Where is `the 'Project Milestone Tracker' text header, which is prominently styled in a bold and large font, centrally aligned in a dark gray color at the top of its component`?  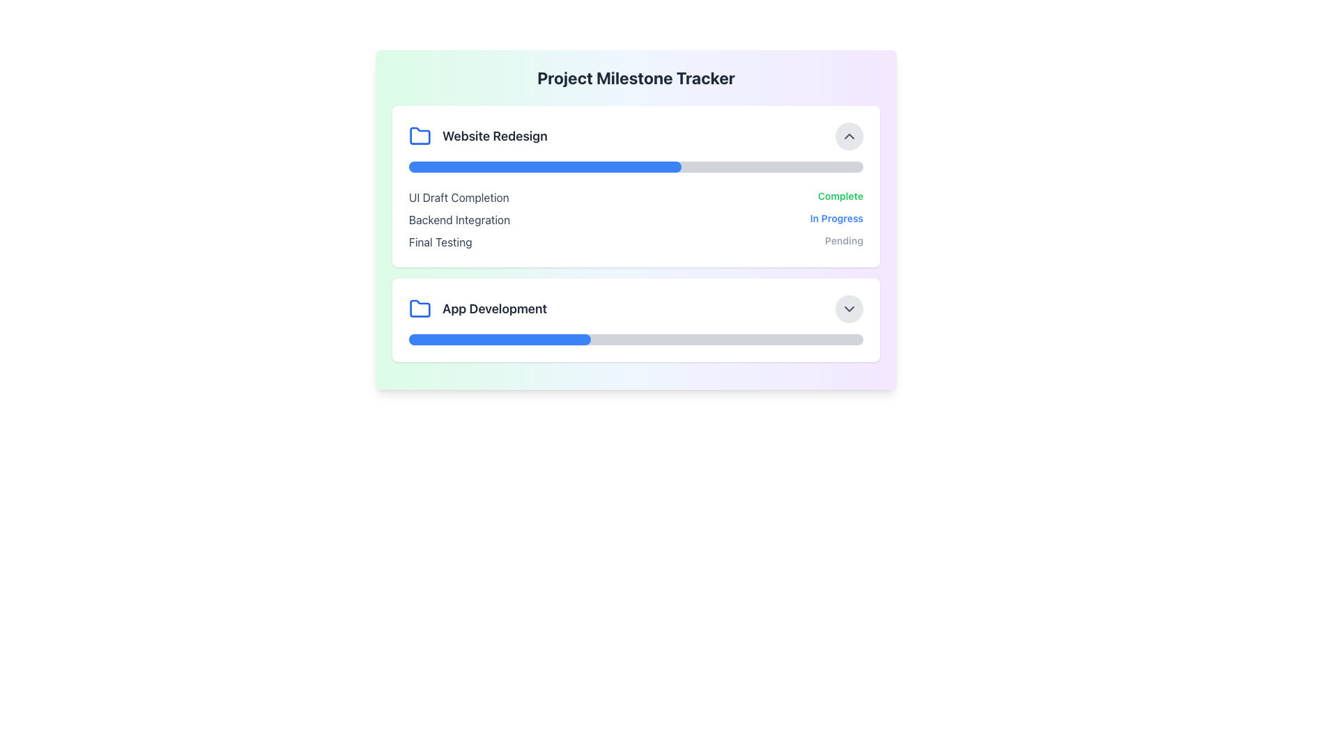
the 'Project Milestone Tracker' text header, which is prominently styled in a bold and large font, centrally aligned in a dark gray color at the top of its component is located at coordinates (635, 77).